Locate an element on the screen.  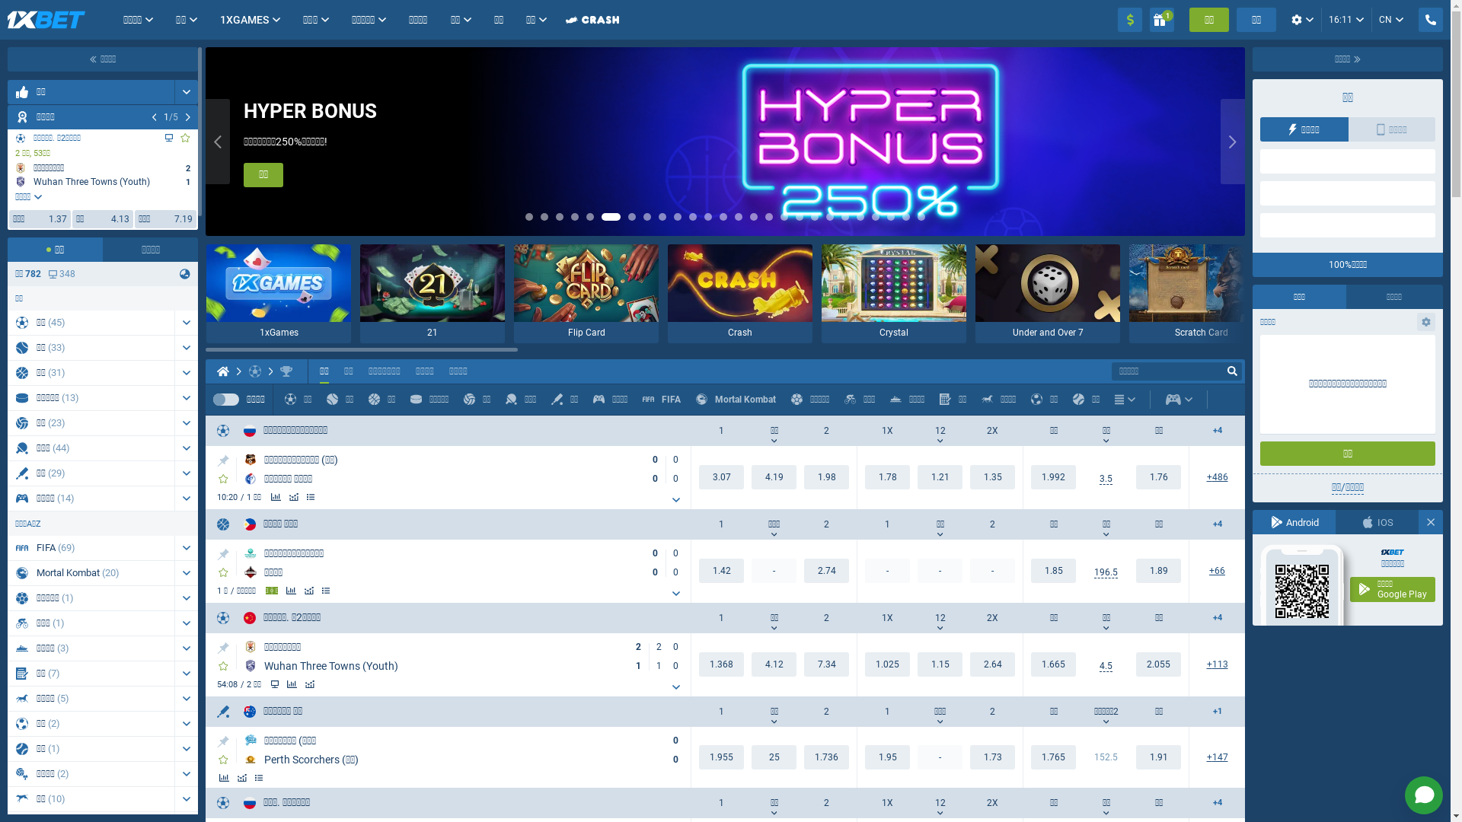
'2.625' is located at coordinates (992, 663).